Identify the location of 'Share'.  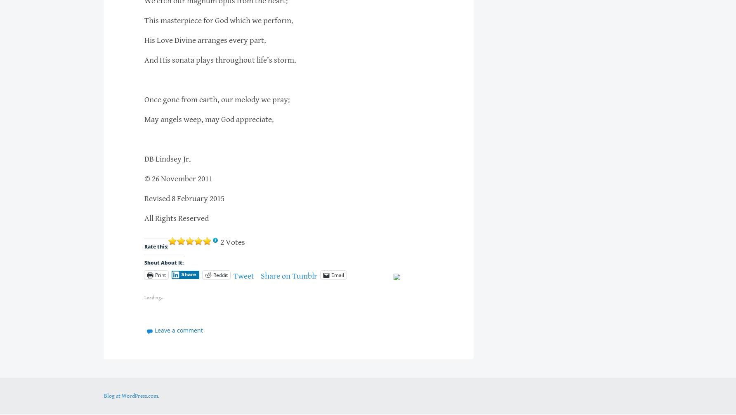
(189, 274).